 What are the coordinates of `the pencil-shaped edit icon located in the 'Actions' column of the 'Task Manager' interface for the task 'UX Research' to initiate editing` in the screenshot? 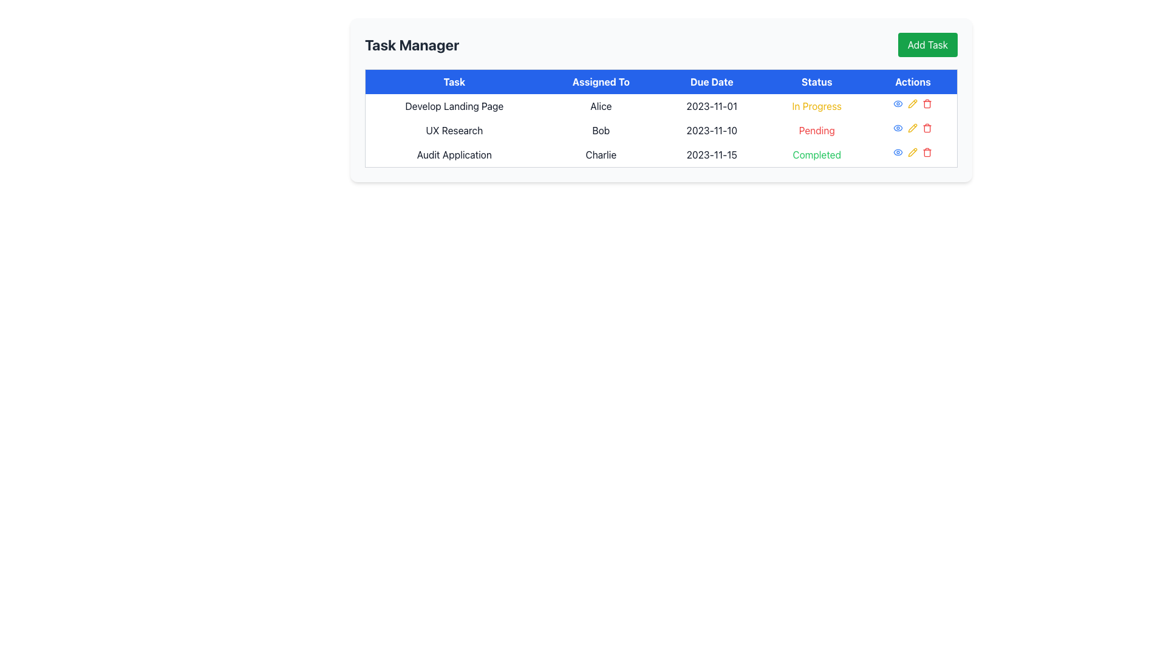 It's located at (913, 128).